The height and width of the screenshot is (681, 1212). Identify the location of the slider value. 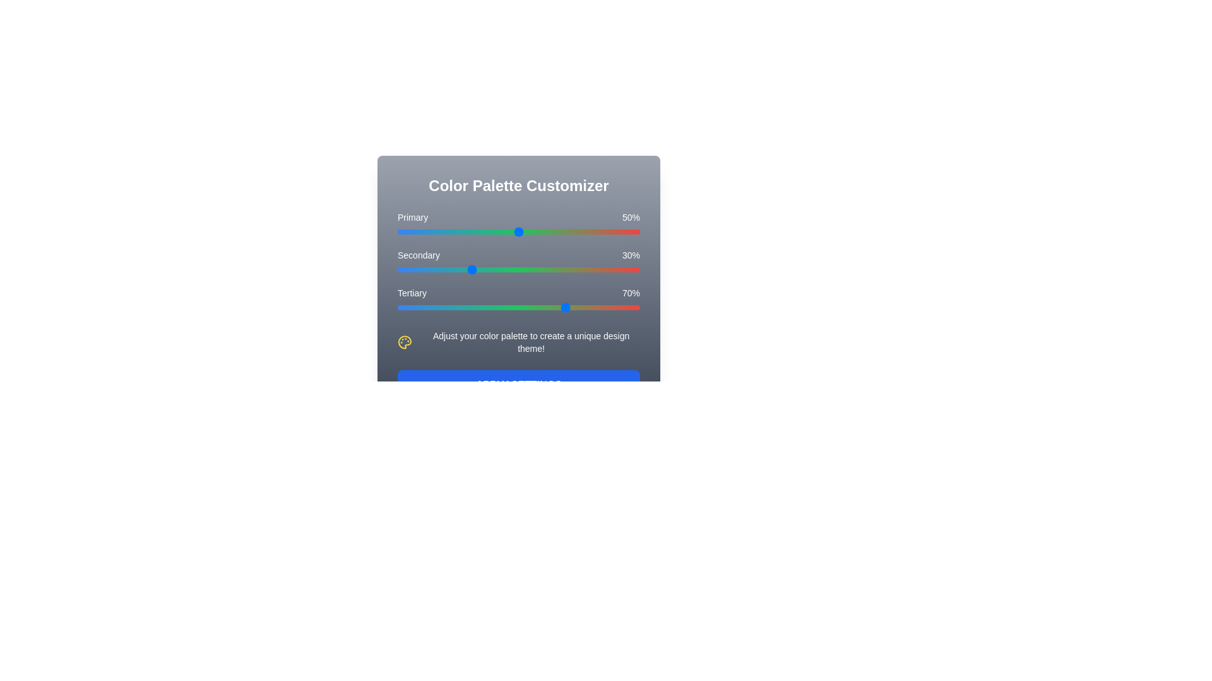
(401, 269).